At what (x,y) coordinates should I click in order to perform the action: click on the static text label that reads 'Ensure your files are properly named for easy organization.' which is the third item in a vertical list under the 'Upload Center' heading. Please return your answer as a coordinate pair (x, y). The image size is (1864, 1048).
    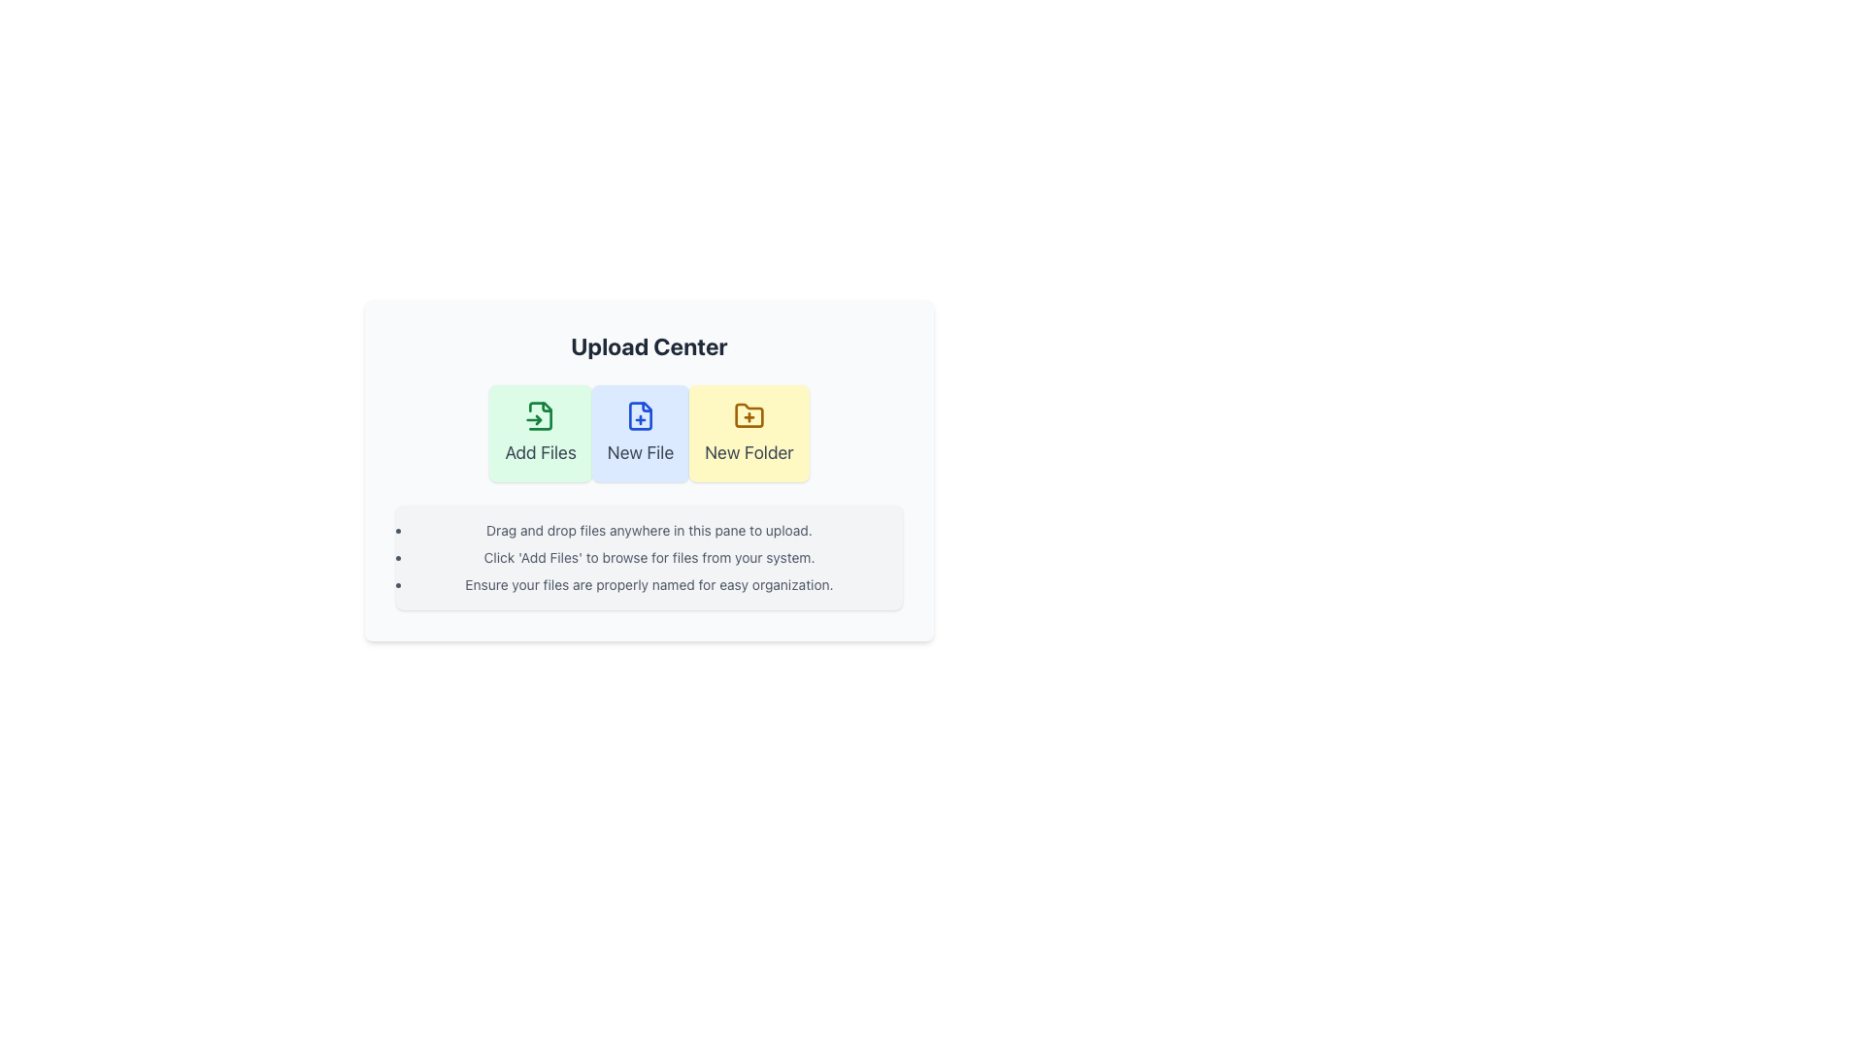
    Looking at the image, I should click on (649, 583).